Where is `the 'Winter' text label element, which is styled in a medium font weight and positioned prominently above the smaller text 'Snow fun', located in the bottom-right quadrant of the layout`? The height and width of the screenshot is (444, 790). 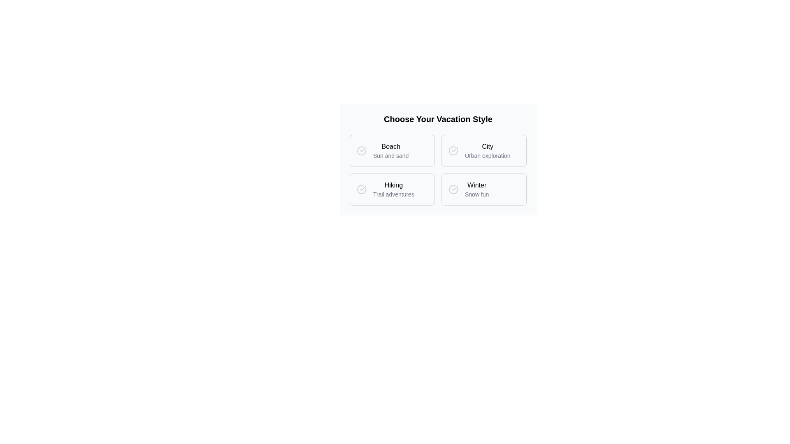 the 'Winter' text label element, which is styled in a medium font weight and positioned prominently above the smaller text 'Snow fun', located in the bottom-right quadrant of the layout is located at coordinates (477, 185).